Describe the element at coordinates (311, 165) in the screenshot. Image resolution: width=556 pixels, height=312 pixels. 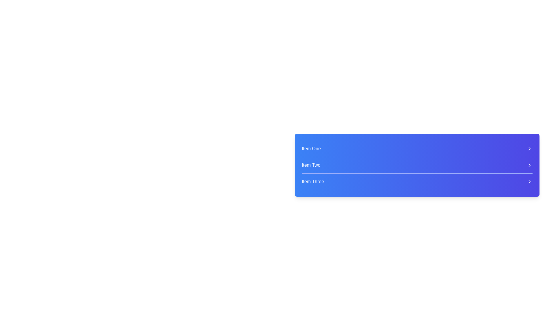
I see `the text label displaying 'Item Two' in white font against a blue background` at that location.